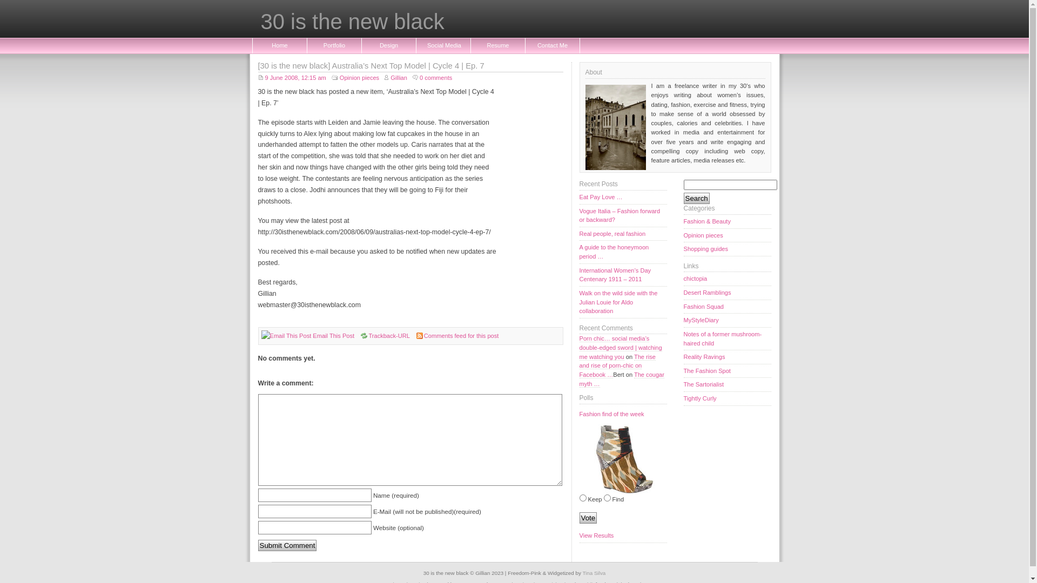 Image resolution: width=1037 pixels, height=583 pixels. I want to click on 'View Results', so click(622, 535).